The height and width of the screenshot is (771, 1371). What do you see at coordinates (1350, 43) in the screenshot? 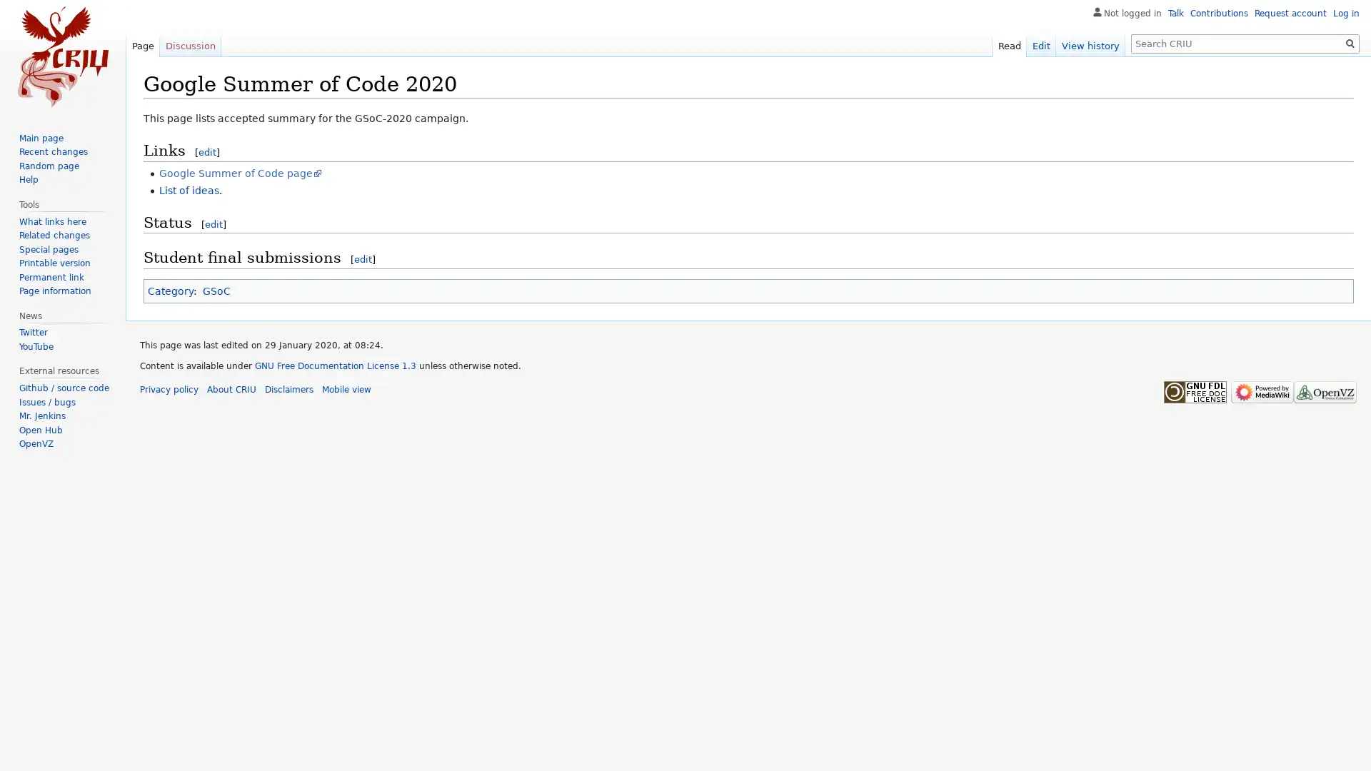
I see `Go` at bounding box center [1350, 43].